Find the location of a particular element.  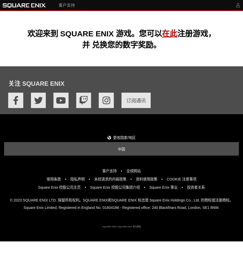

'Square Enix 控股公司集团介绍' is located at coordinates (114, 187).